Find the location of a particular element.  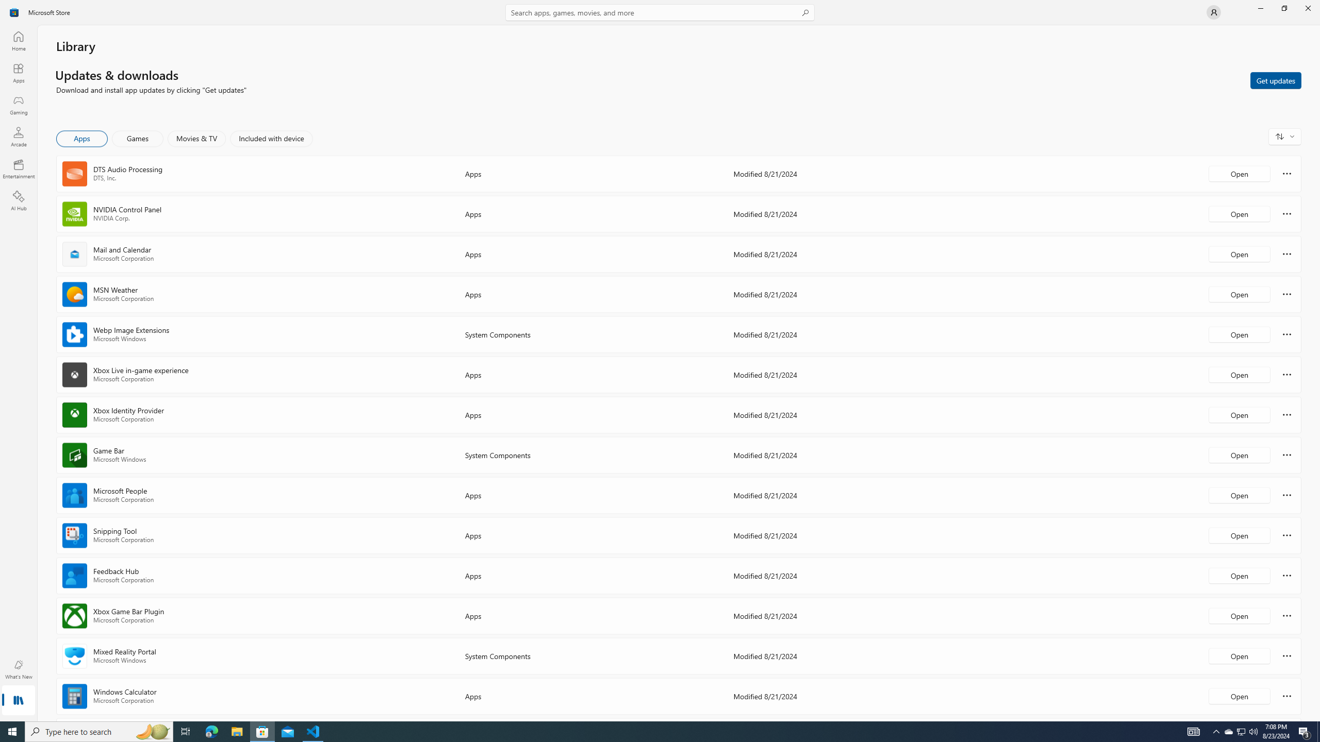

'Movies & TV' is located at coordinates (196, 138).